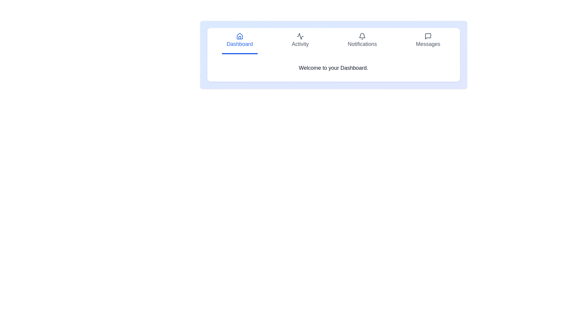  I want to click on the tab labeled Activity, so click(300, 41).